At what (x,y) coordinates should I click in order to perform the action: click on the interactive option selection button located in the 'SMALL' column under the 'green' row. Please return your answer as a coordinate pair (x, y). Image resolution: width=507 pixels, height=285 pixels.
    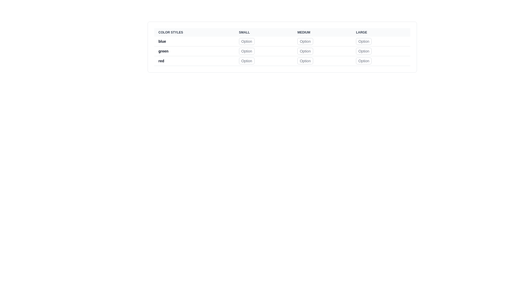
    Looking at the image, I should click on (246, 51).